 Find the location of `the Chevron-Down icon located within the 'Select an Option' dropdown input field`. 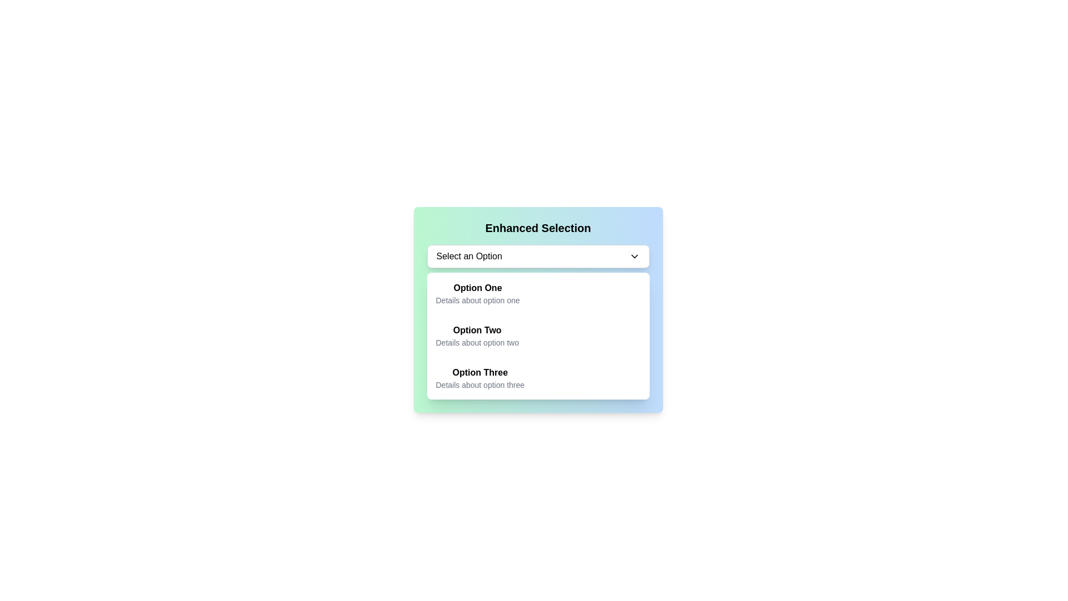

the Chevron-Down icon located within the 'Select an Option' dropdown input field is located at coordinates (634, 257).